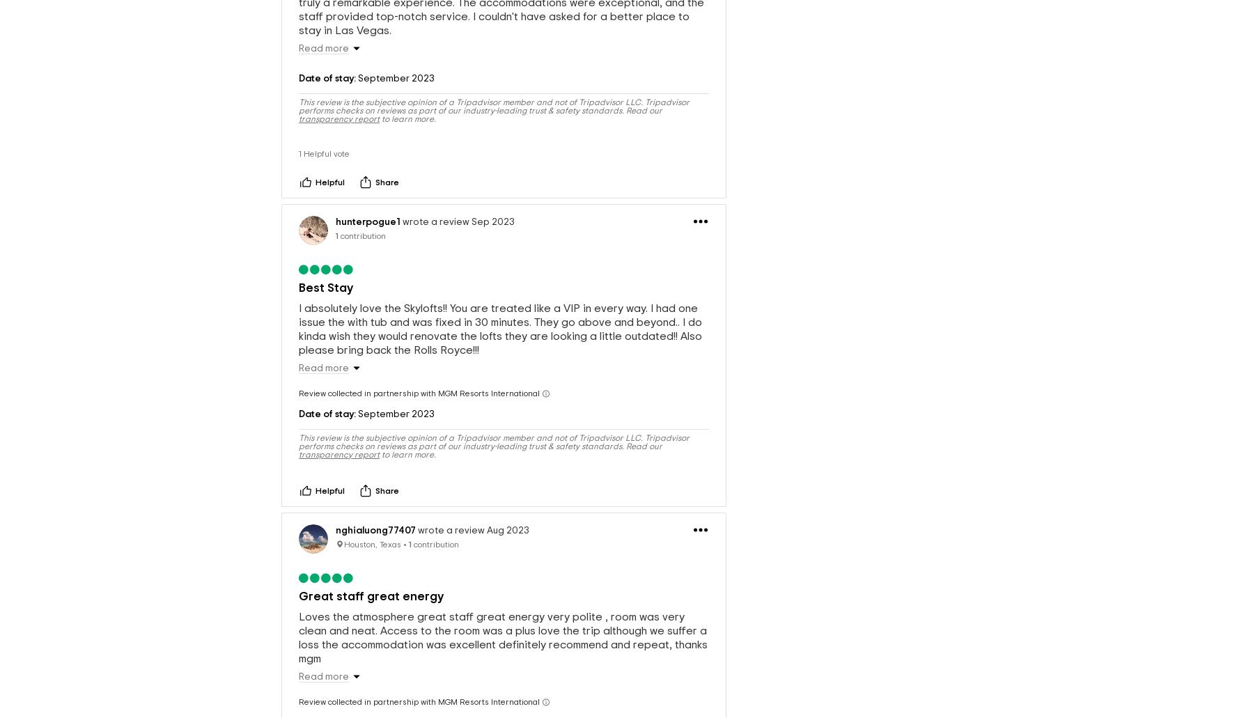 Image resolution: width=1237 pixels, height=718 pixels. Describe the element at coordinates (325, 264) in the screenshot. I see `'Best Stay'` at that location.